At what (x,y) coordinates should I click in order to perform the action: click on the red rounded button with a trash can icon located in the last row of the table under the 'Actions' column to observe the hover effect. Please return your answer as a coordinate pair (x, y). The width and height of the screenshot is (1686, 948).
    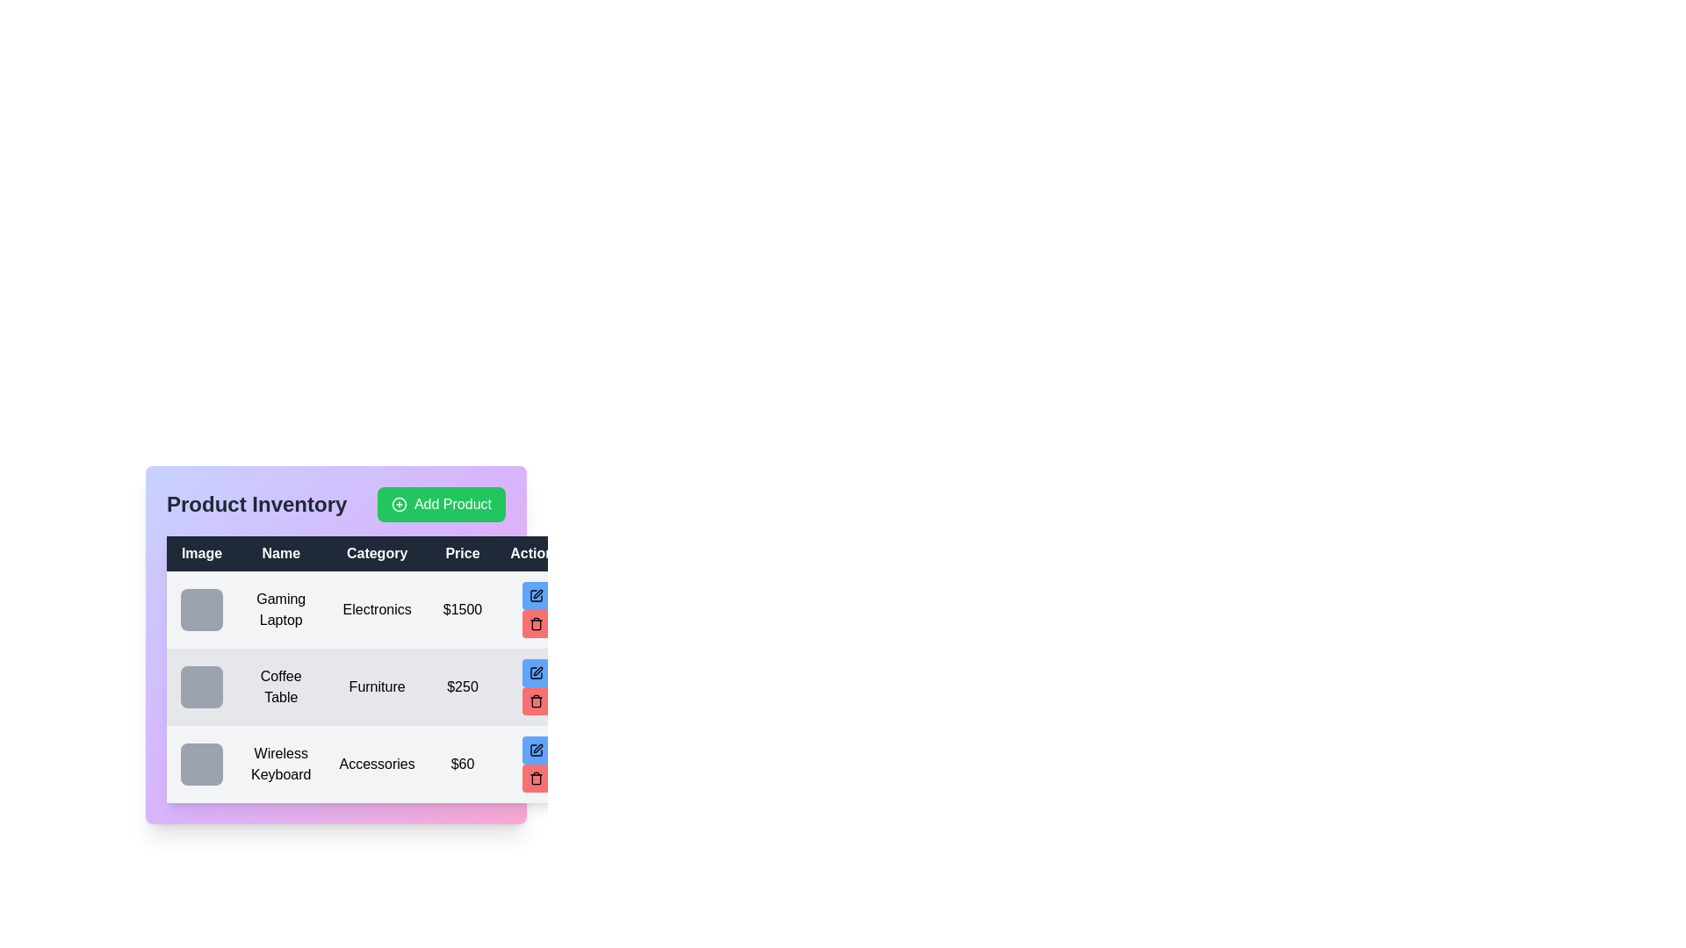
    Looking at the image, I should click on (535, 764).